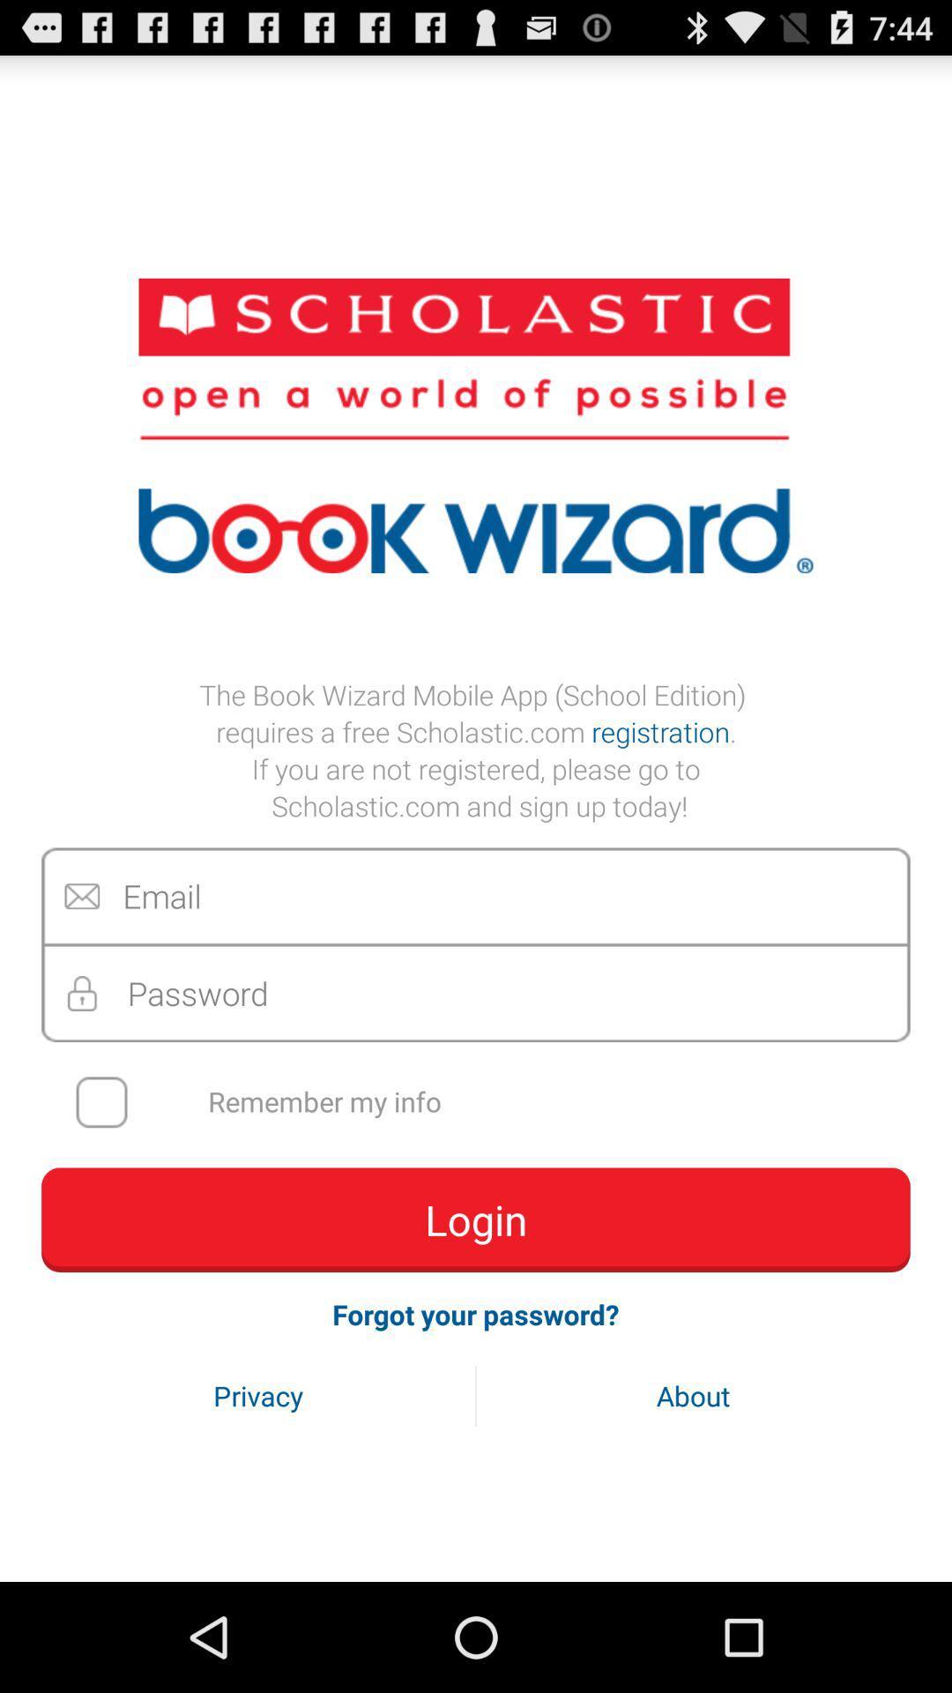  I want to click on the about at the bottom right corner, so click(692, 1395).